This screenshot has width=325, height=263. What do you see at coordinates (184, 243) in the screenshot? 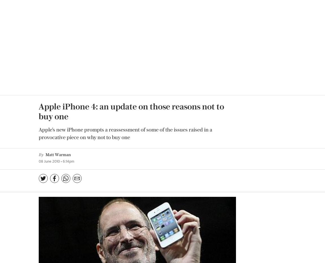
I see `'Log in'` at bounding box center [184, 243].